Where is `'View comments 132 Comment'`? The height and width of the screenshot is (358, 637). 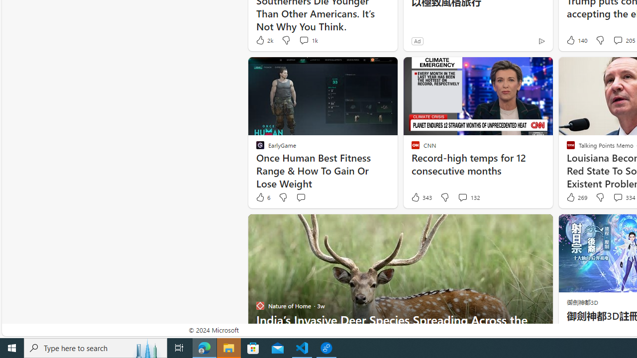
'View comments 132 Comment' is located at coordinates (462, 197).